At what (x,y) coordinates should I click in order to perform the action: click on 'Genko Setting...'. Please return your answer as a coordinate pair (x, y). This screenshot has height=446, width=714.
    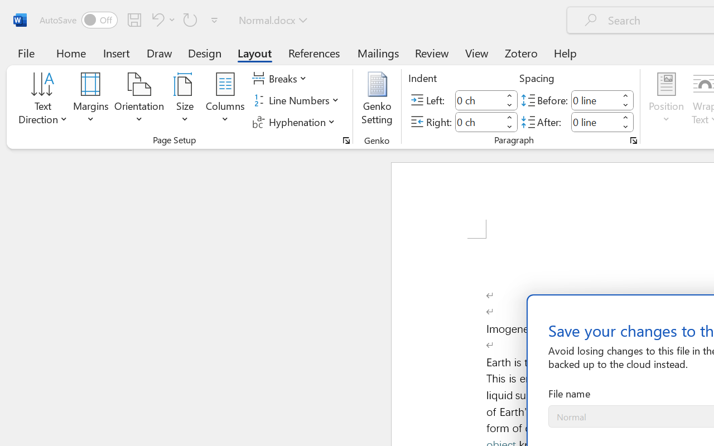
    Looking at the image, I should click on (377, 100).